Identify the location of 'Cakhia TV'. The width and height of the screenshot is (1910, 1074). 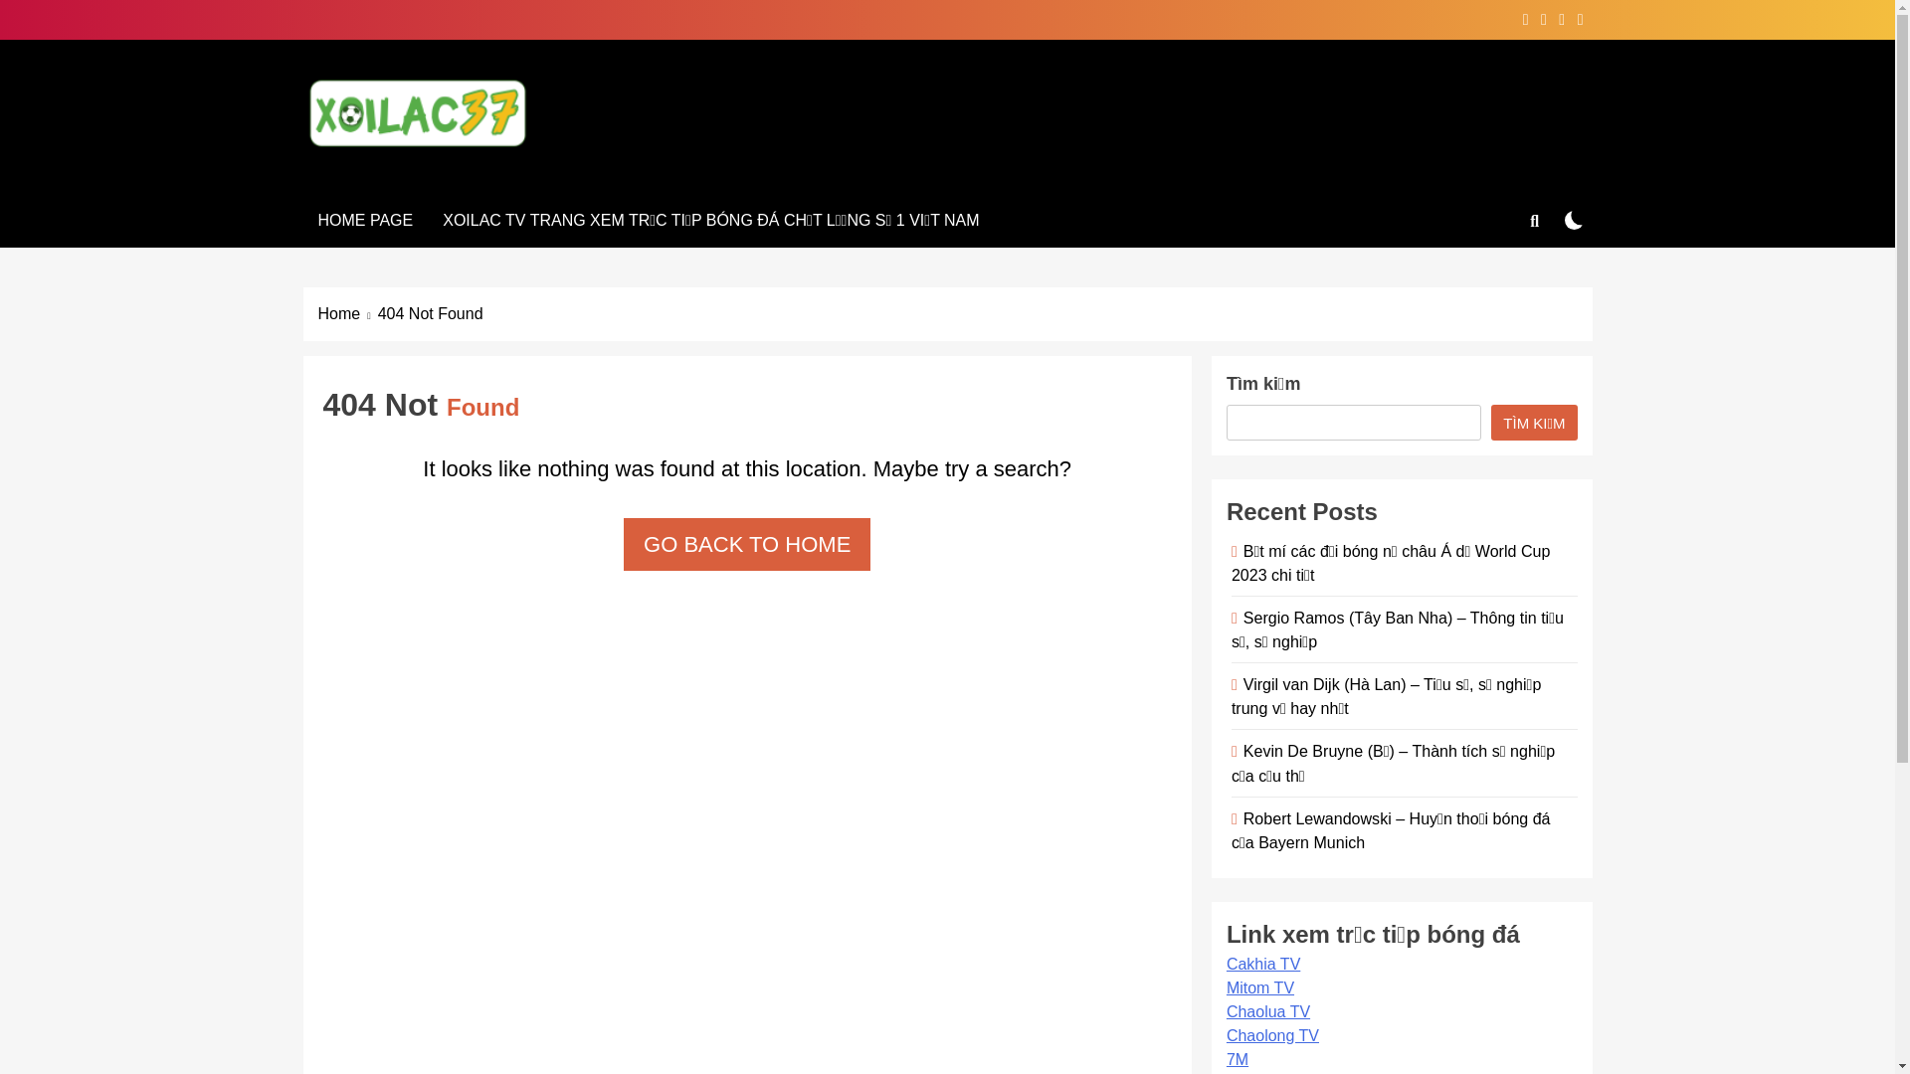
(1262, 963).